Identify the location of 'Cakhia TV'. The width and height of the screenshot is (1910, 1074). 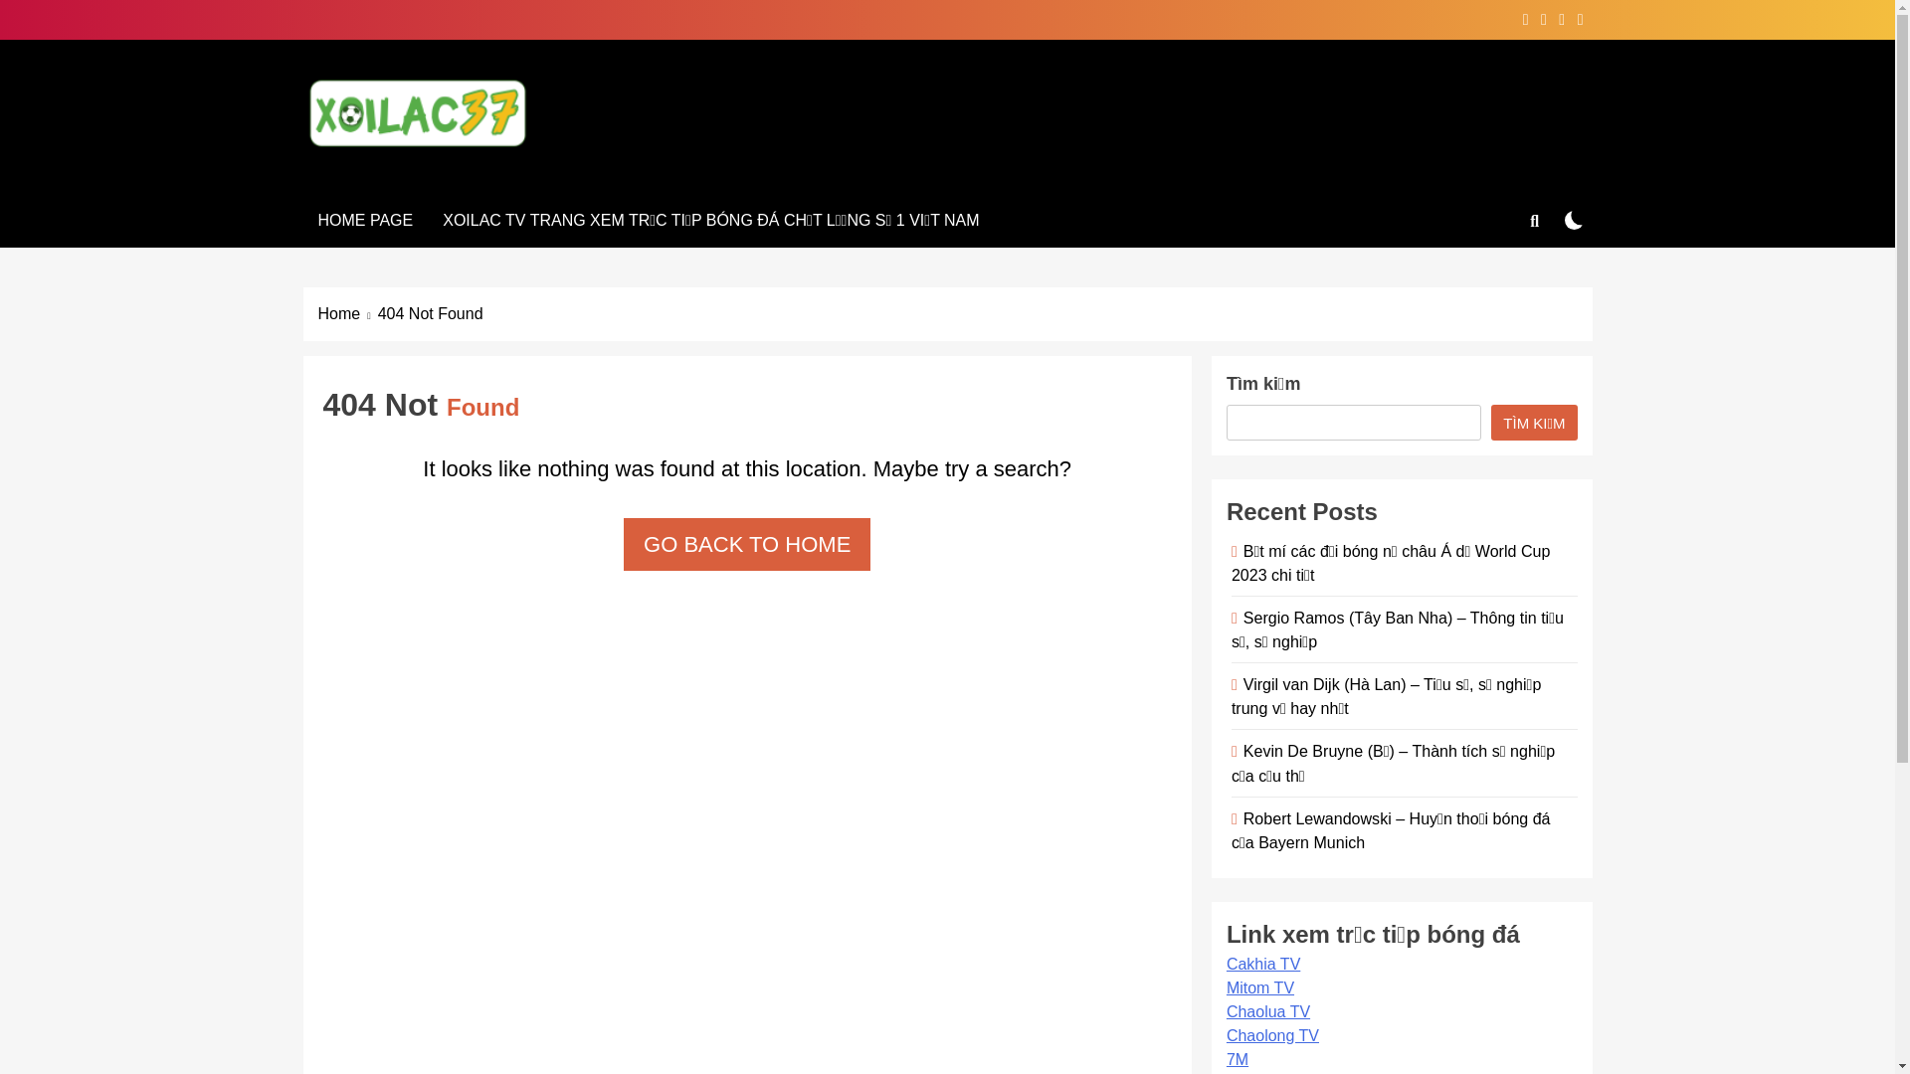
(1262, 963).